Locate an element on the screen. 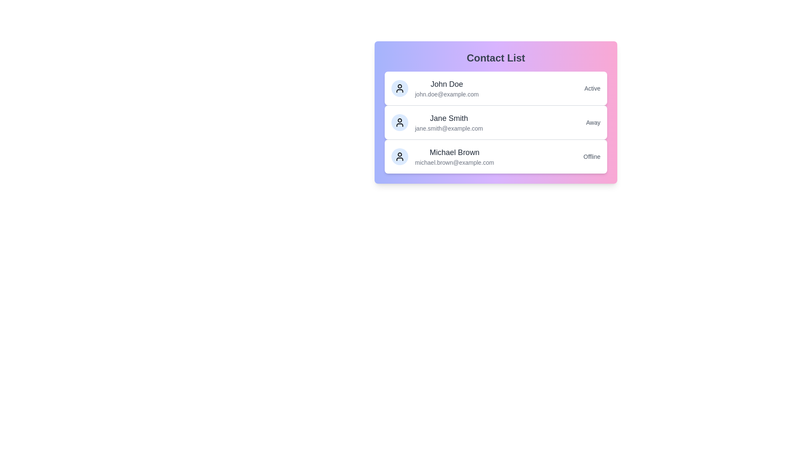 This screenshot has width=809, height=455. the list item corresponding to Michael Brown is located at coordinates (496, 156).